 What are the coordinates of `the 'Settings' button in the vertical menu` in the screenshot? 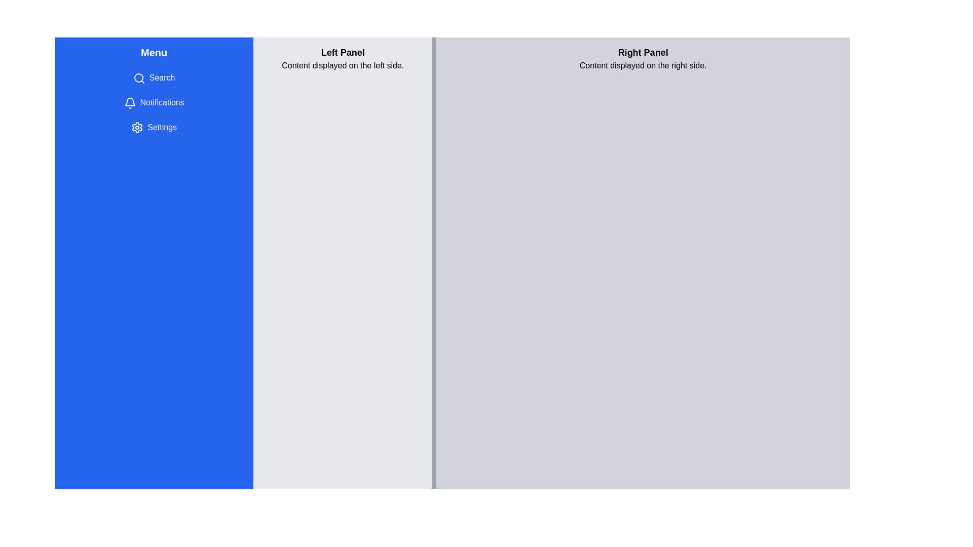 It's located at (153, 126).